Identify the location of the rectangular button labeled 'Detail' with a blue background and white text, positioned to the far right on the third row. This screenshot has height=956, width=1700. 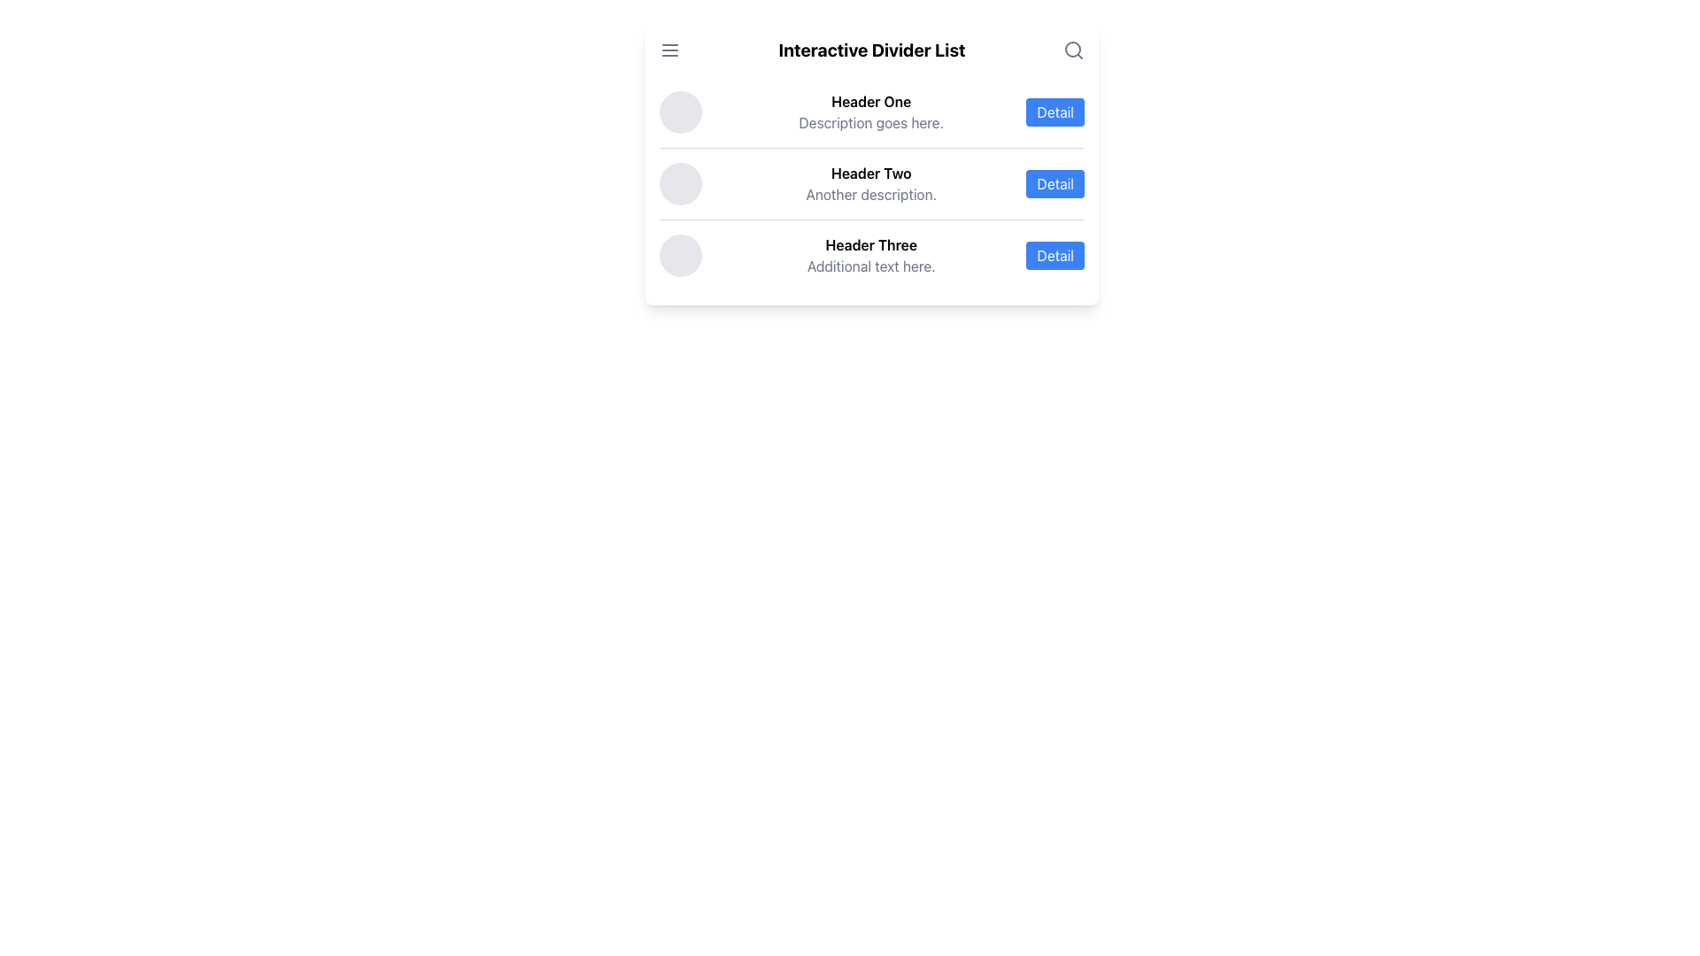
(1055, 256).